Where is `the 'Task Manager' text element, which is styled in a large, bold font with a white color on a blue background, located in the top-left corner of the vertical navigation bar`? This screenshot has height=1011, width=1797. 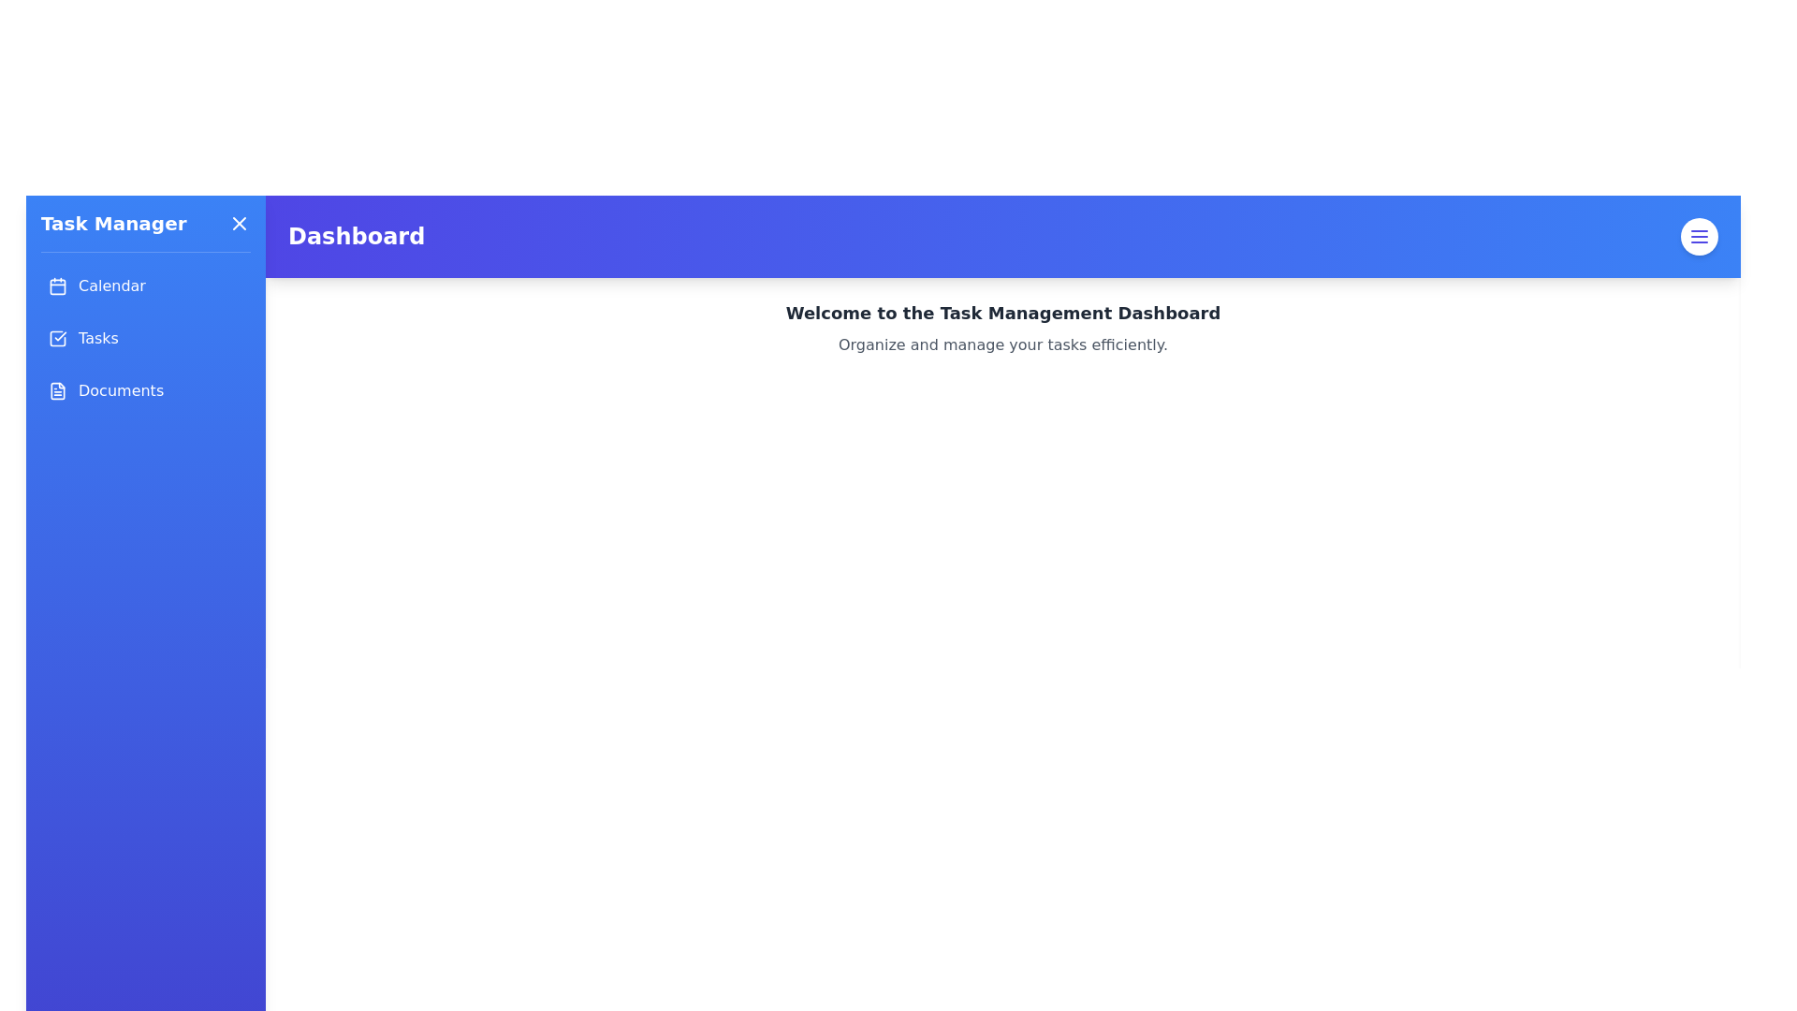 the 'Task Manager' text element, which is styled in a large, bold font with a white color on a blue background, located in the top-left corner of the vertical navigation bar is located at coordinates (112, 223).